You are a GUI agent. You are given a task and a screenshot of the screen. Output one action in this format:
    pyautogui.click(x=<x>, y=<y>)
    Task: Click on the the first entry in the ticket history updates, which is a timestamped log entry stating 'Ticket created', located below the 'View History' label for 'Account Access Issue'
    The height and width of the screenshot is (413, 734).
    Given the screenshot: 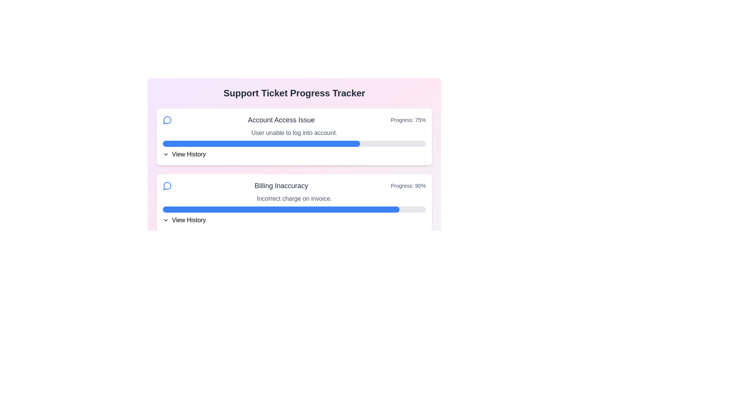 What is the action you would take?
    pyautogui.click(x=297, y=166)
    